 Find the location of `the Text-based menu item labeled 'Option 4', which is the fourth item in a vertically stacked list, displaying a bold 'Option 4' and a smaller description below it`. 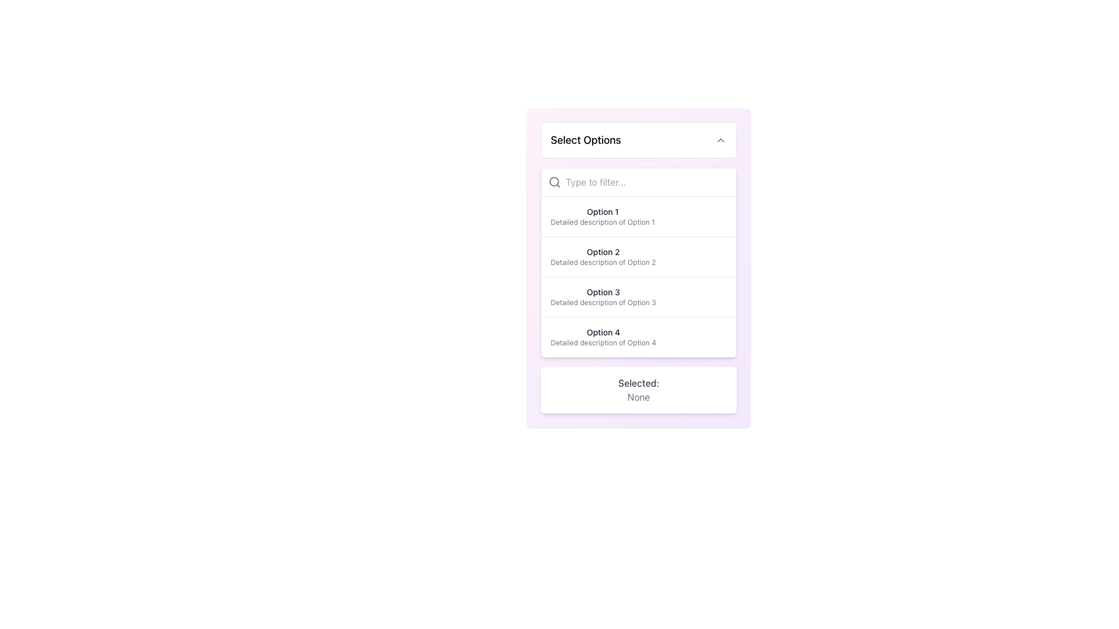

the Text-based menu item labeled 'Option 4', which is the fourth item in a vertically stacked list, displaying a bold 'Option 4' and a smaller description below it is located at coordinates (638, 337).